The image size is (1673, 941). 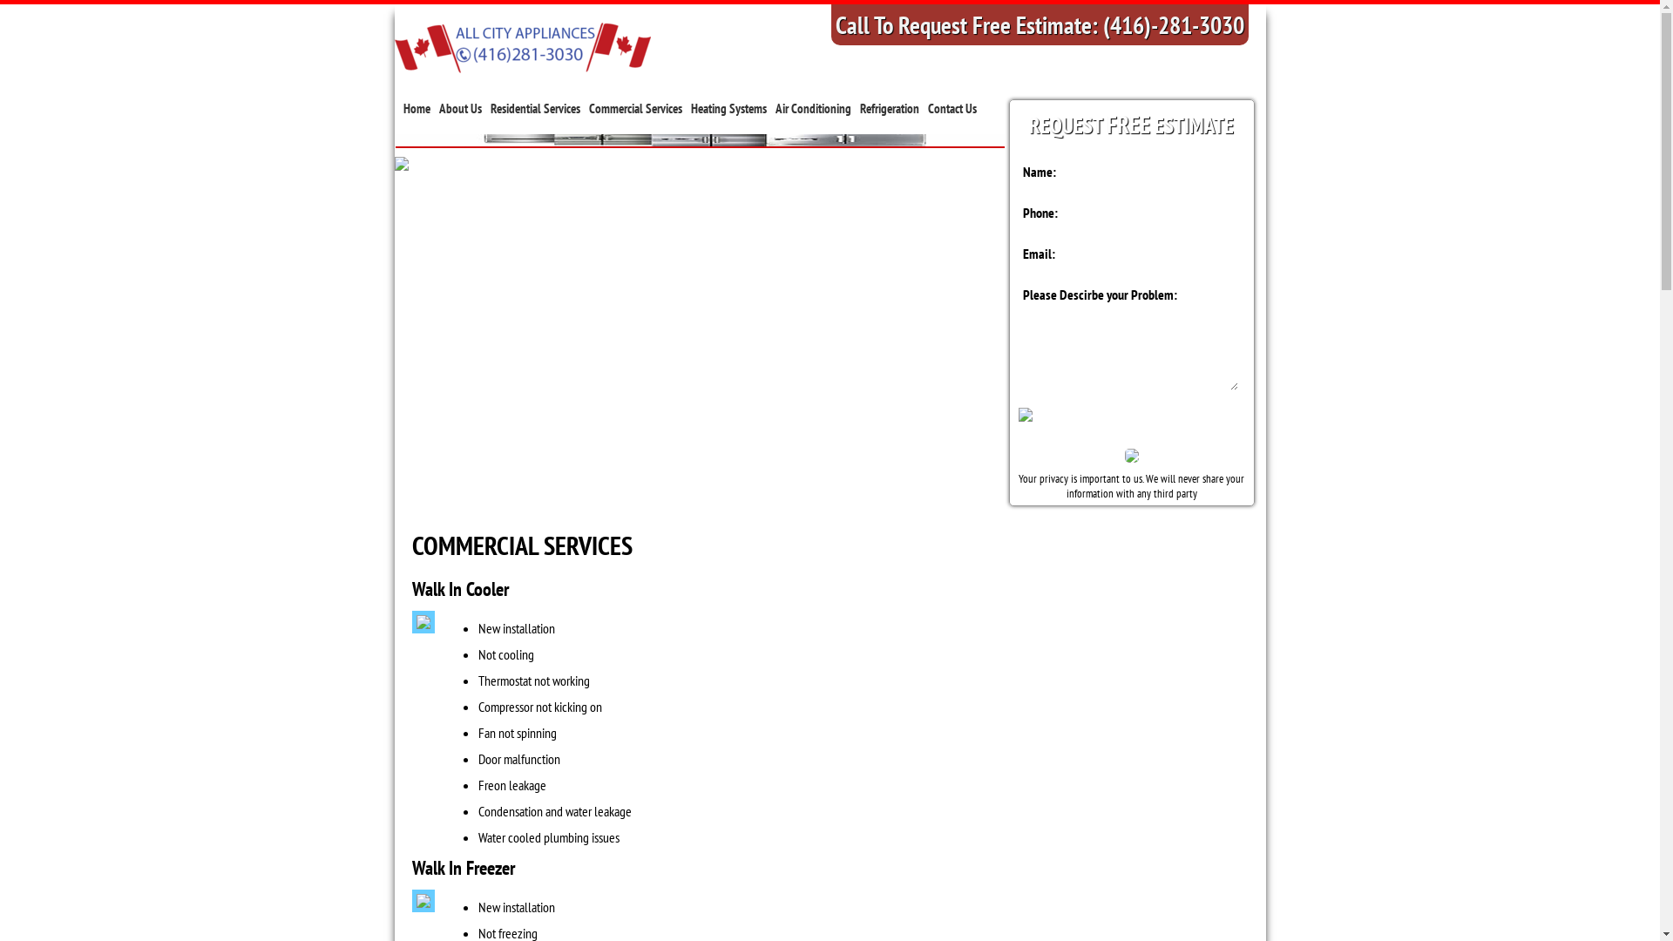 What do you see at coordinates (951, 108) in the screenshot?
I see `'Contact Us'` at bounding box center [951, 108].